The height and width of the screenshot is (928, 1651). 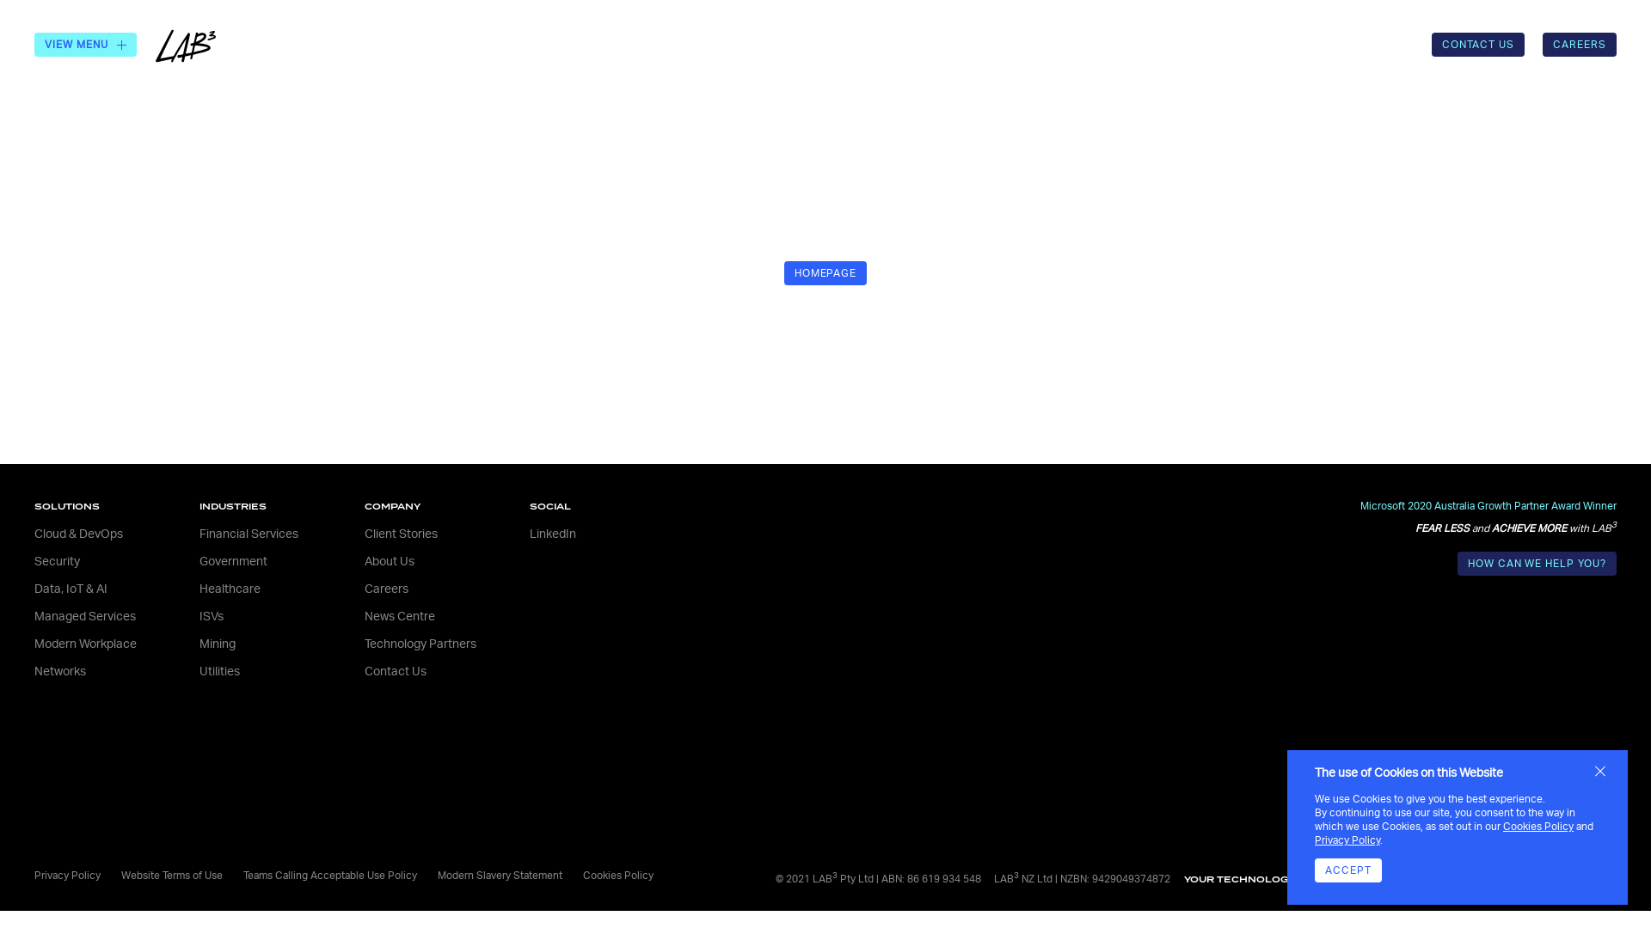 I want to click on 'HOW CAN WE HELP YOU?', so click(x=1537, y=563).